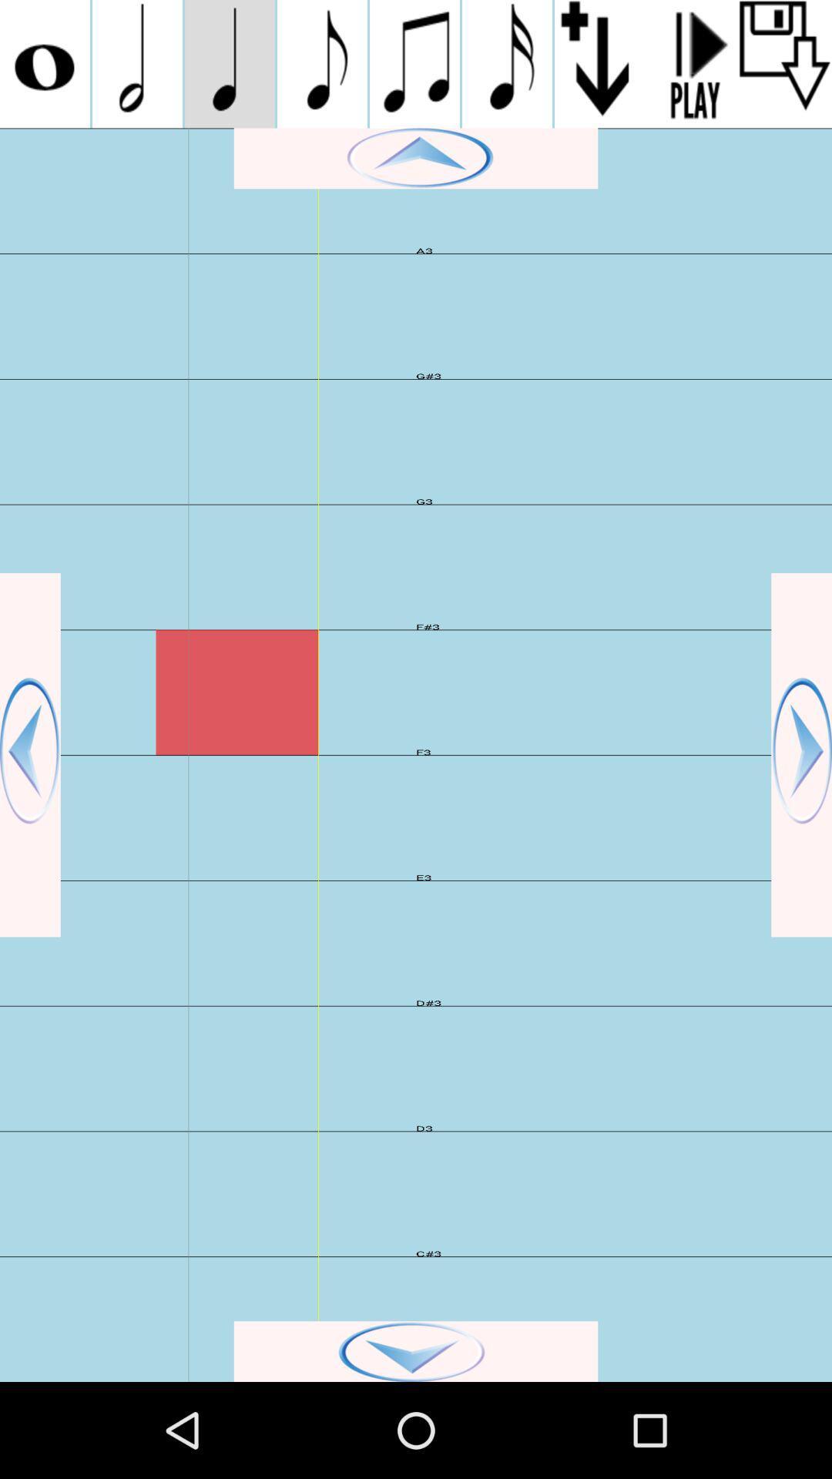  Describe the element at coordinates (414, 63) in the screenshot. I see `musical note` at that location.